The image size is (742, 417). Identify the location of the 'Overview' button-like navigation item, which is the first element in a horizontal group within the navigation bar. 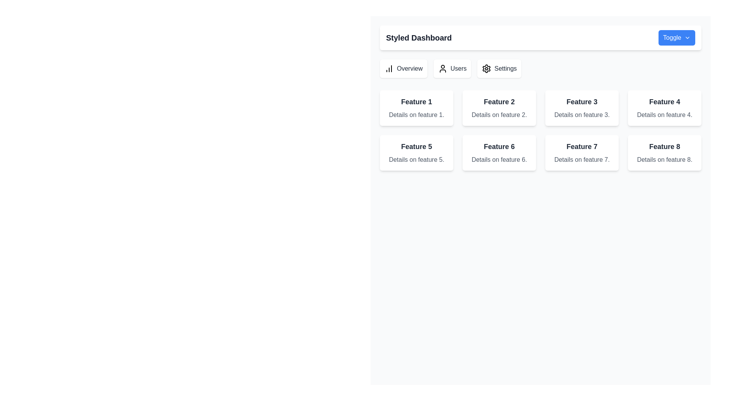
(403, 68).